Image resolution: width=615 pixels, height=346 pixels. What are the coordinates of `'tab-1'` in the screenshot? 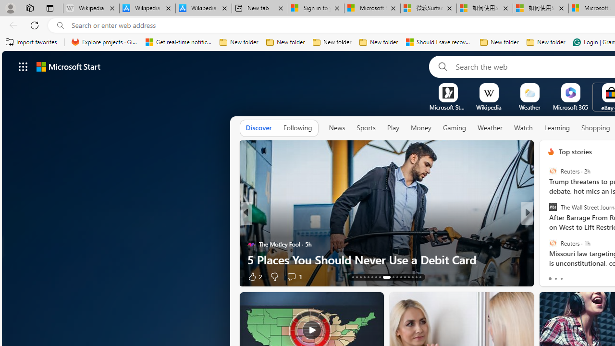 It's located at (555, 278).